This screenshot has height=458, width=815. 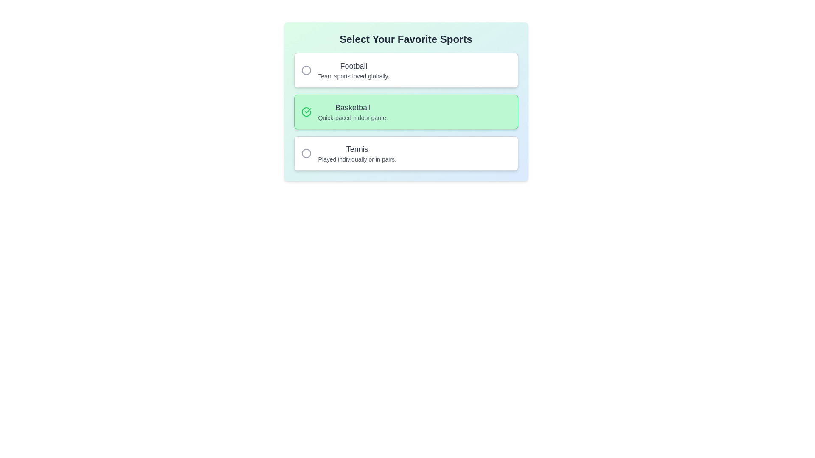 What do you see at coordinates (354, 70) in the screenshot?
I see `descriptive text block for the selectable option related to 'Football', located beneath the circular radio button in the top option of the vertical list of sports` at bounding box center [354, 70].